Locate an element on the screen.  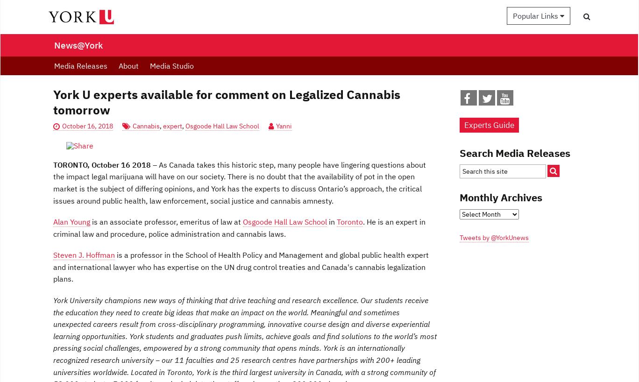
'York U experts available for comment on Legalized Cannabis tomorrow' is located at coordinates (227, 102).